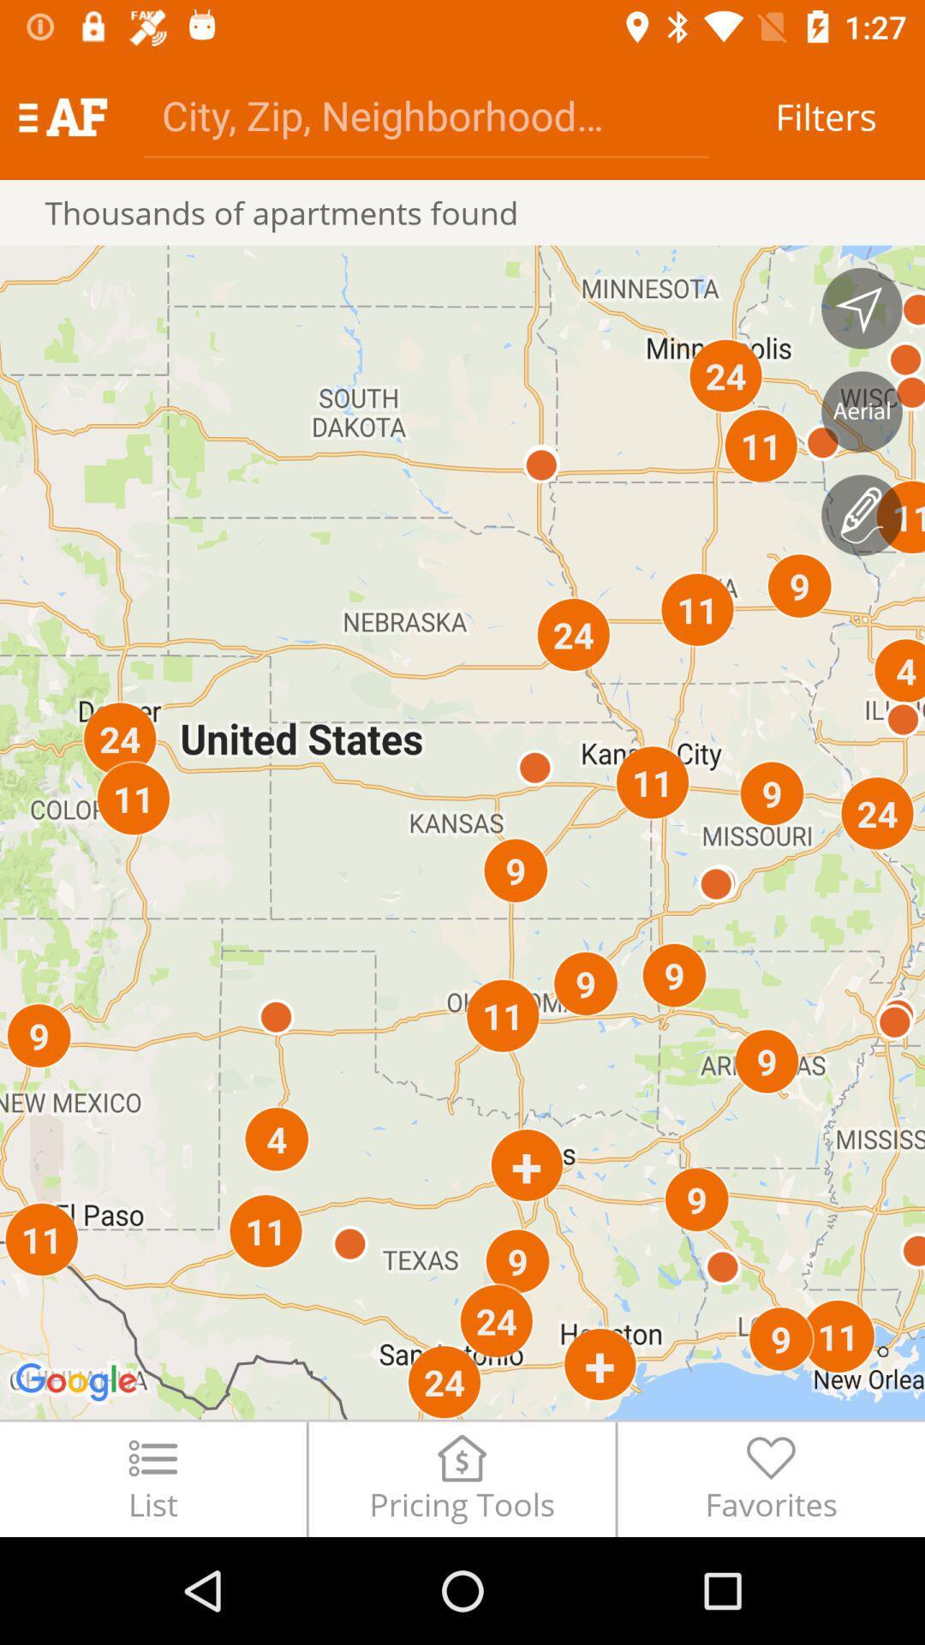 This screenshot has width=925, height=1645. I want to click on item to the right of pricing tools, so click(771, 1478).